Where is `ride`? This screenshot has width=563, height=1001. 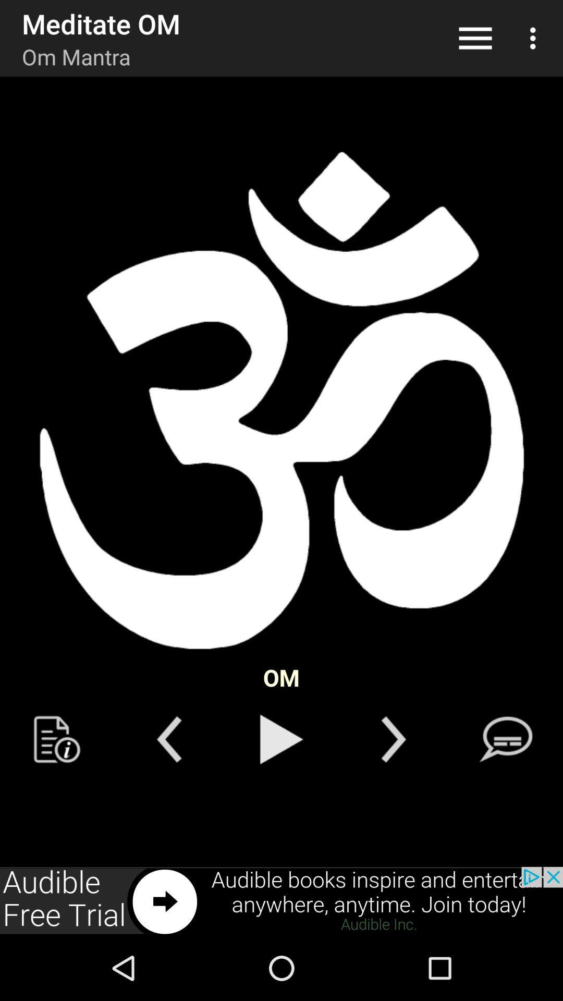 ride is located at coordinates (168, 739).